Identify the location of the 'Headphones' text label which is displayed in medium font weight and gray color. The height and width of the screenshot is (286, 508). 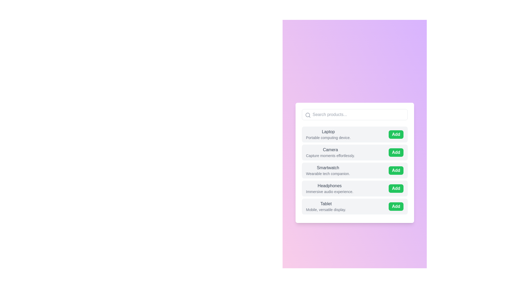
(329, 186).